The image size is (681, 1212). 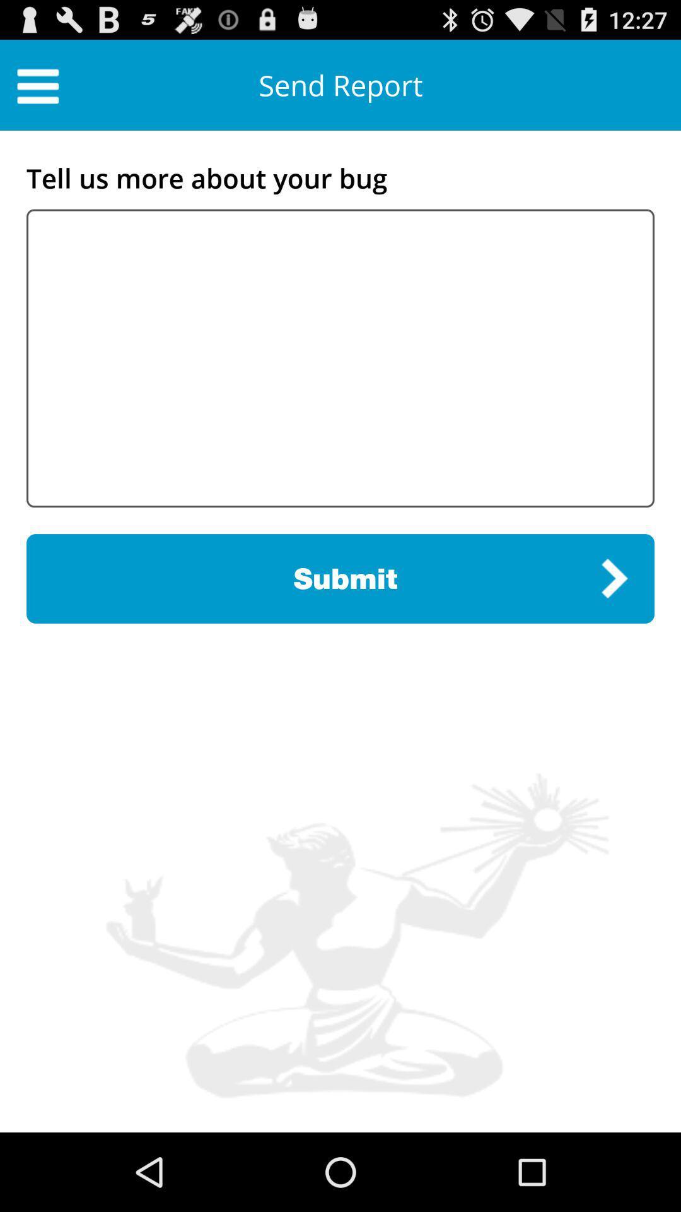 What do you see at coordinates (340, 578) in the screenshot?
I see `item at the center` at bounding box center [340, 578].